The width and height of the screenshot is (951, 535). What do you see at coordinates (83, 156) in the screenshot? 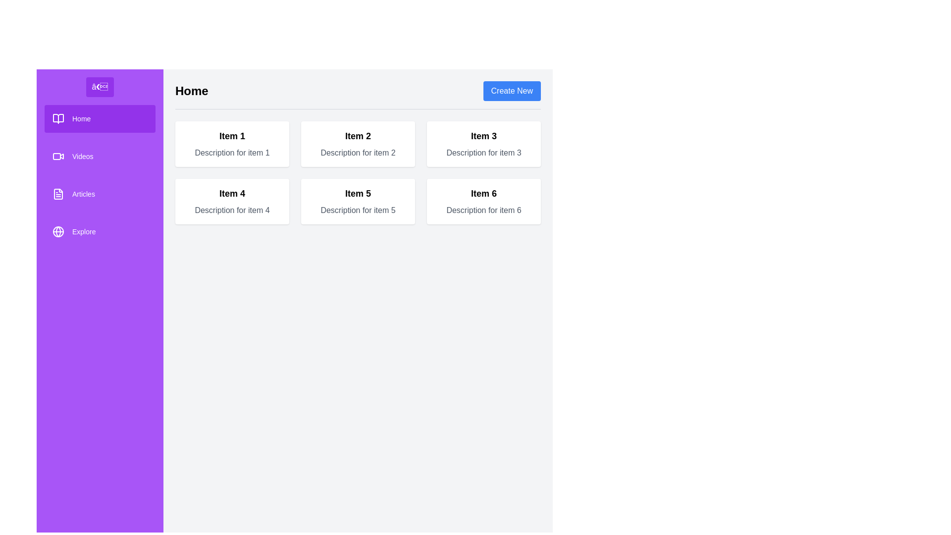
I see `text label 'Videos' located in the navigation panel below the 'Home' menu item` at bounding box center [83, 156].